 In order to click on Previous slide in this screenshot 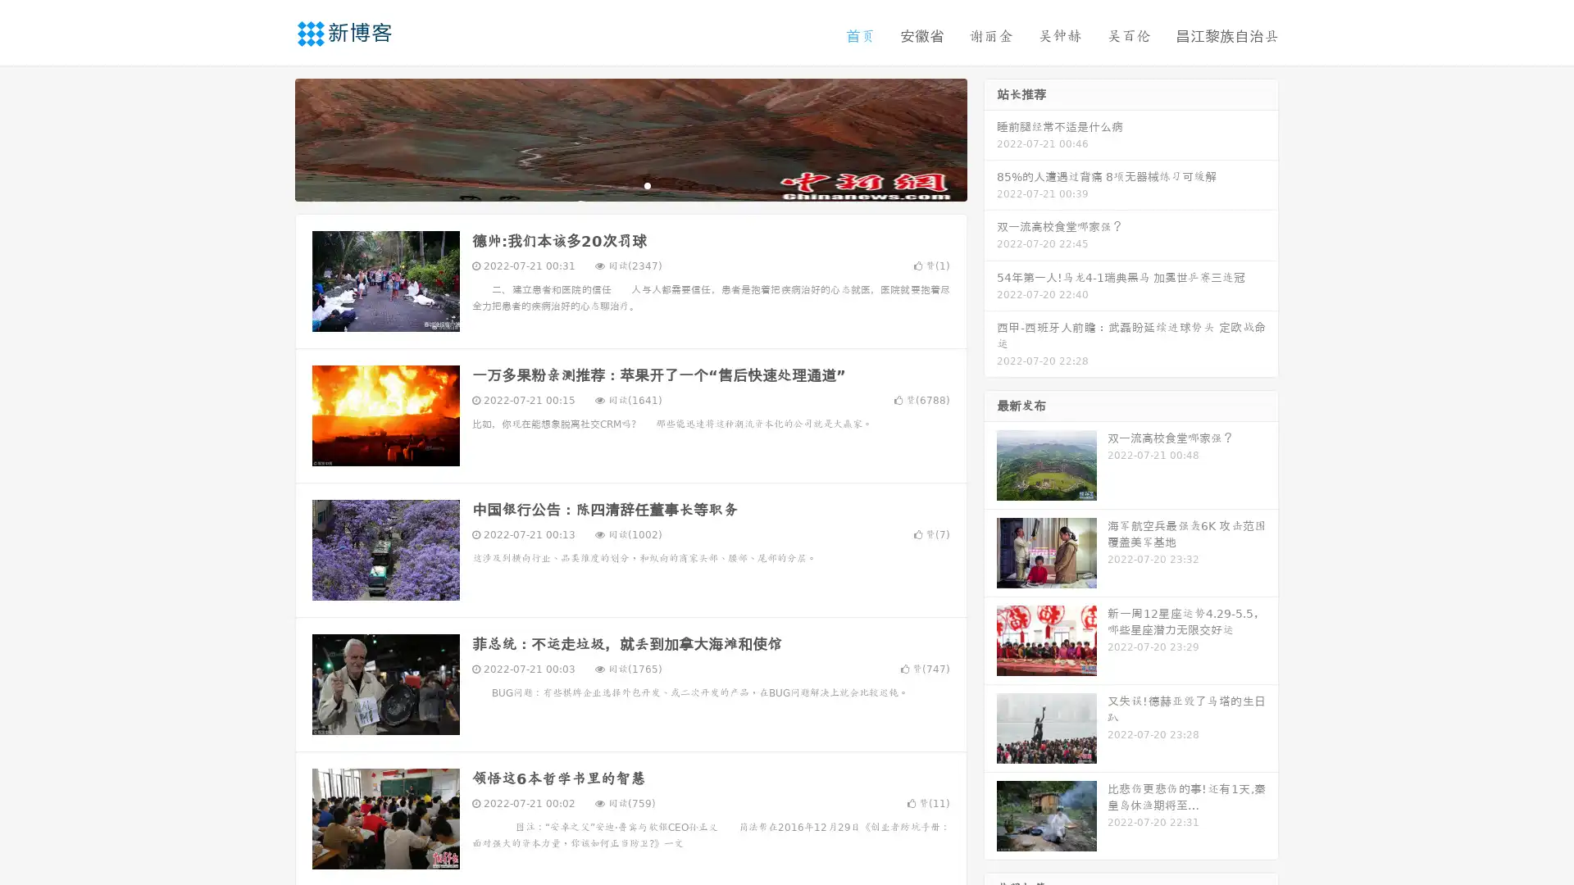, I will do `click(271, 138)`.